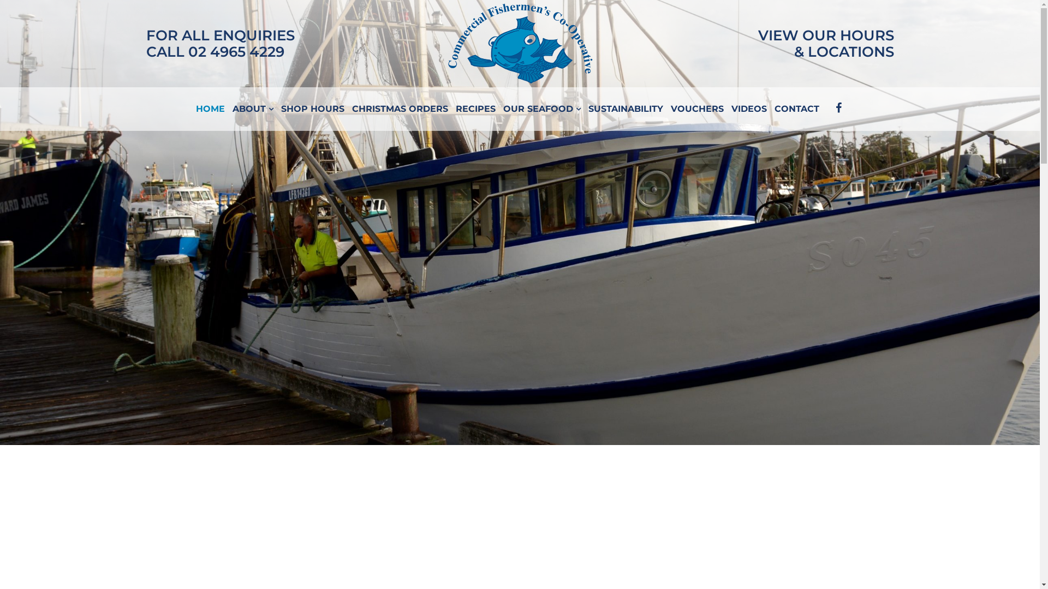  Describe the element at coordinates (696, 109) in the screenshot. I see `'VOUCHERS'` at that location.